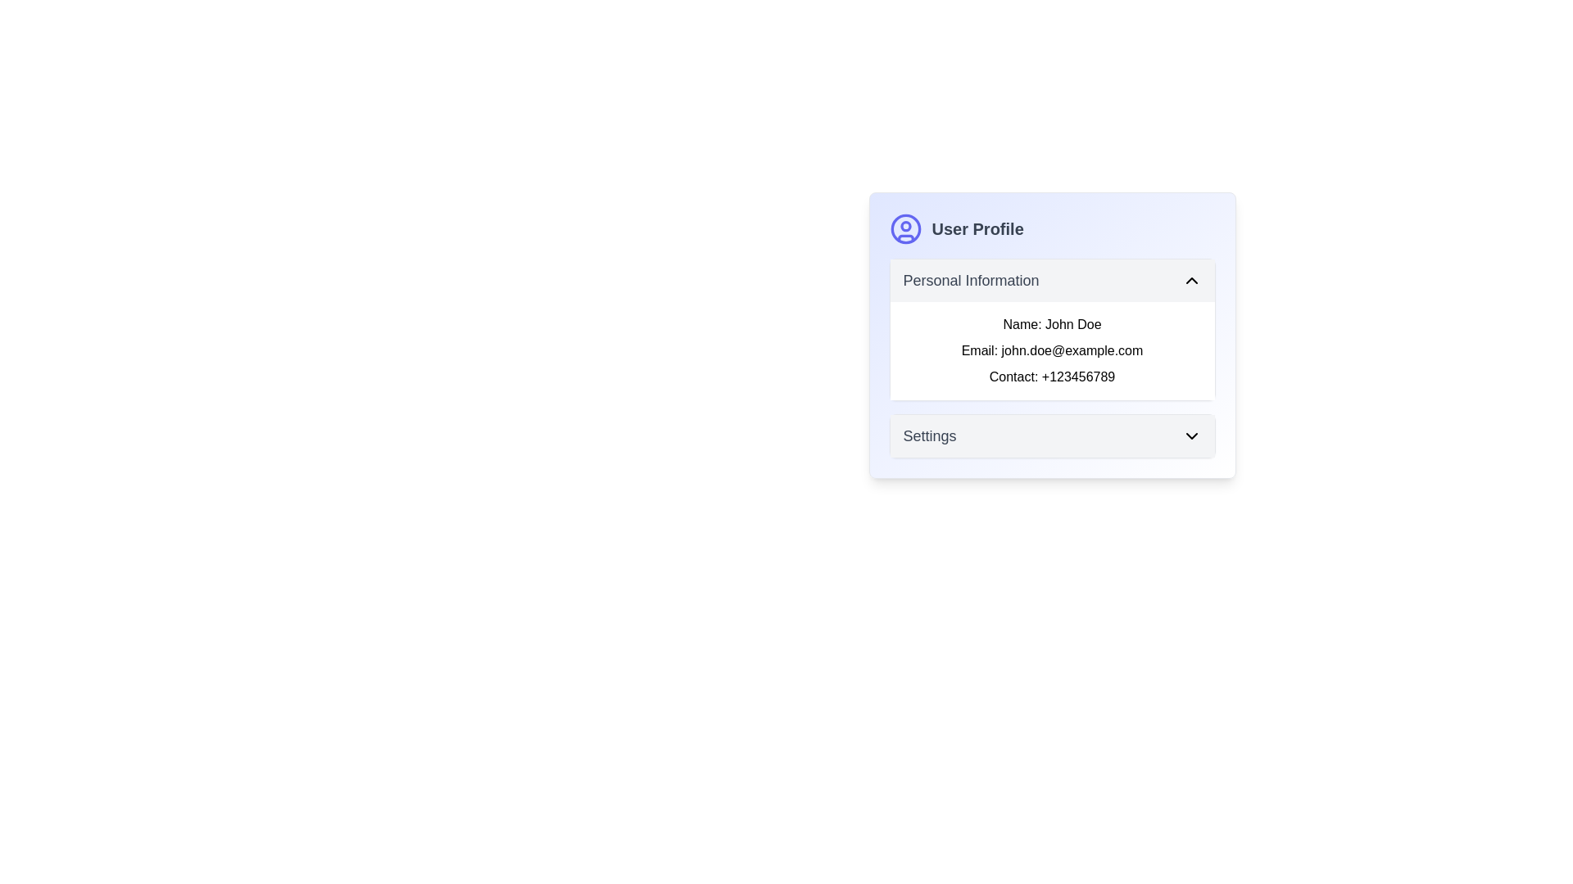 This screenshot has height=884, width=1573. I want to click on the bordered and shadowed Text content box displaying user information, which is located in the user profile section, to interact with its expandable or collapsible features, so click(1052, 329).